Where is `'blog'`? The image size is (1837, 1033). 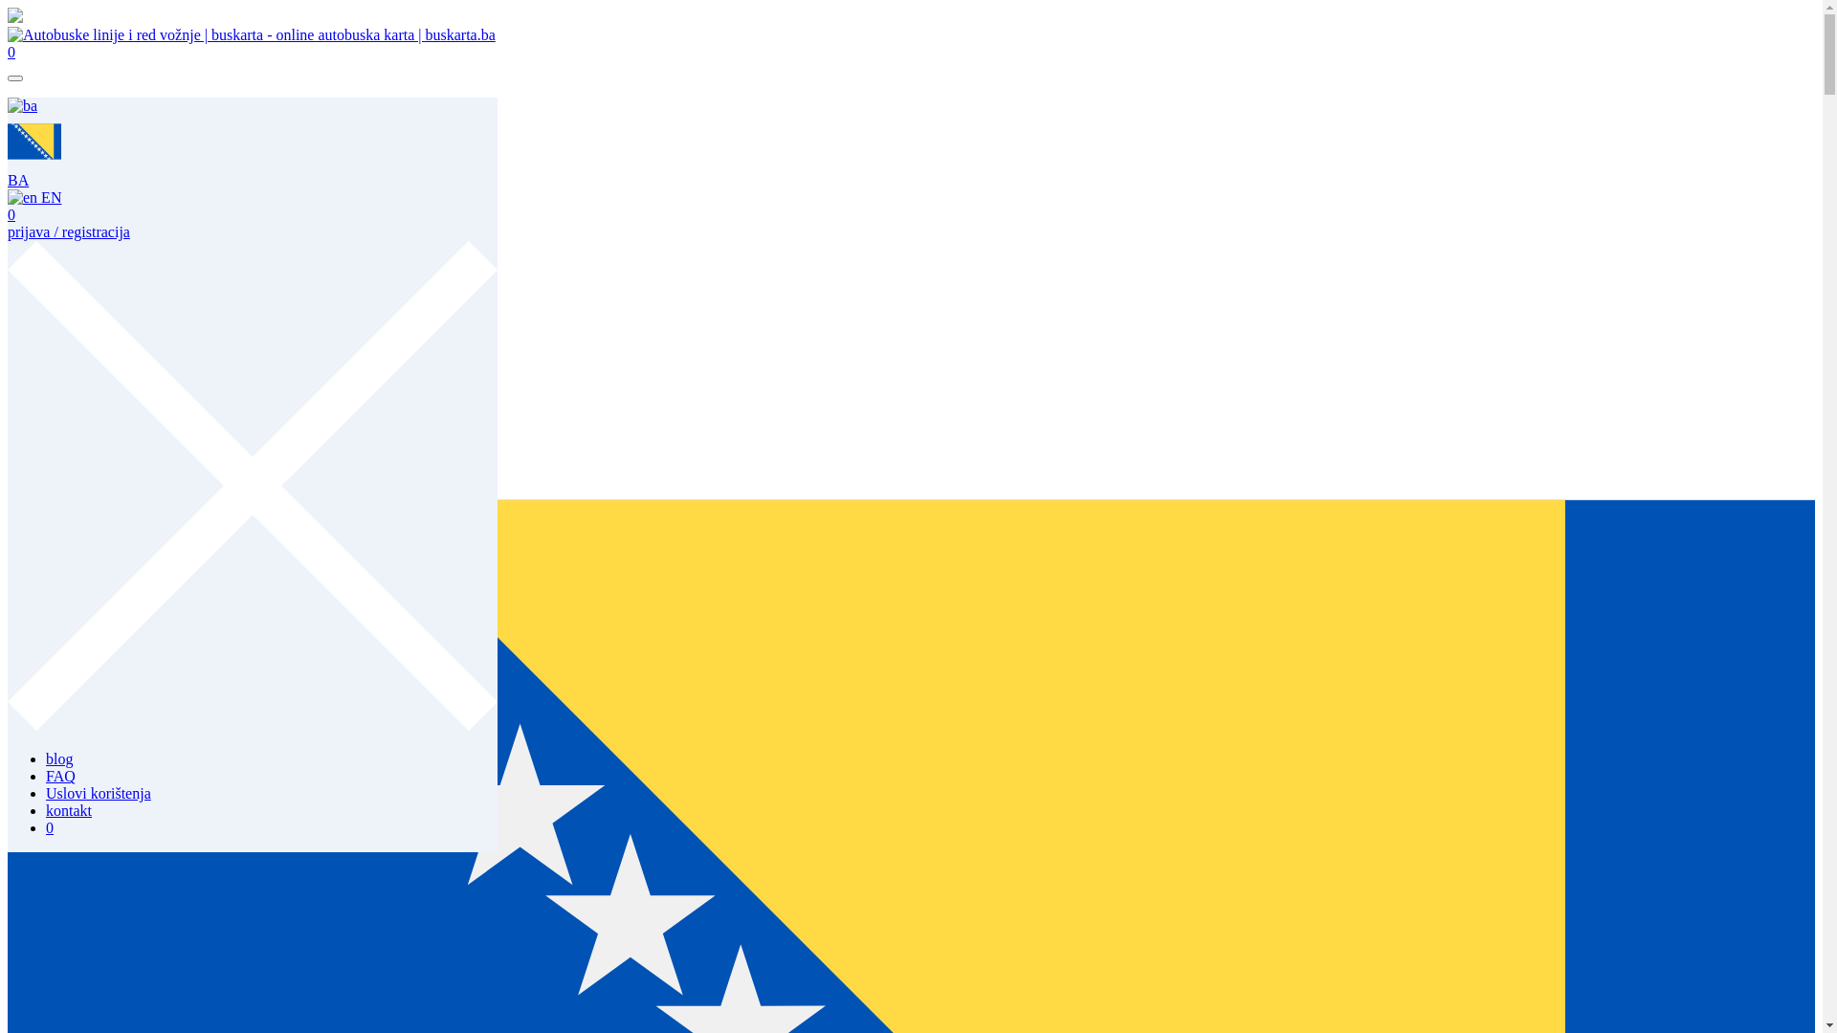
'blog' is located at coordinates (46, 105).